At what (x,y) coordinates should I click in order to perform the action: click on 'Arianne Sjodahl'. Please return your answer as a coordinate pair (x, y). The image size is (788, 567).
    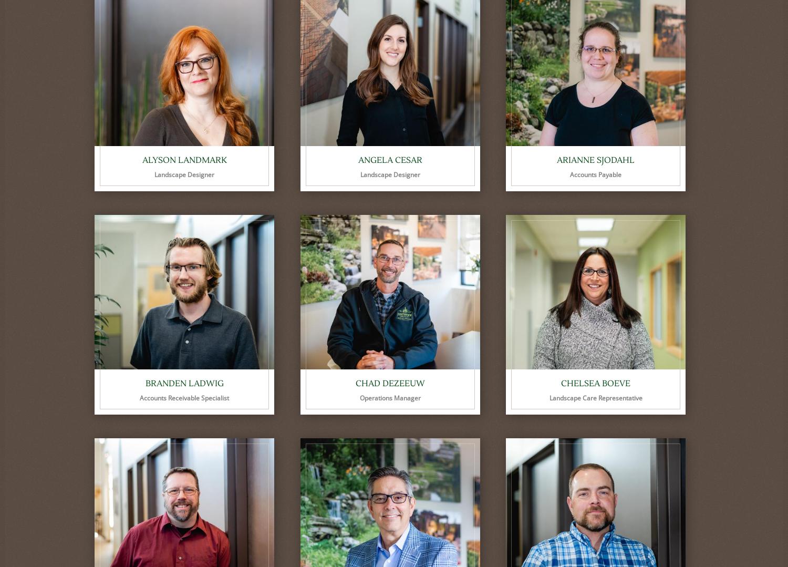
    Looking at the image, I should click on (596, 160).